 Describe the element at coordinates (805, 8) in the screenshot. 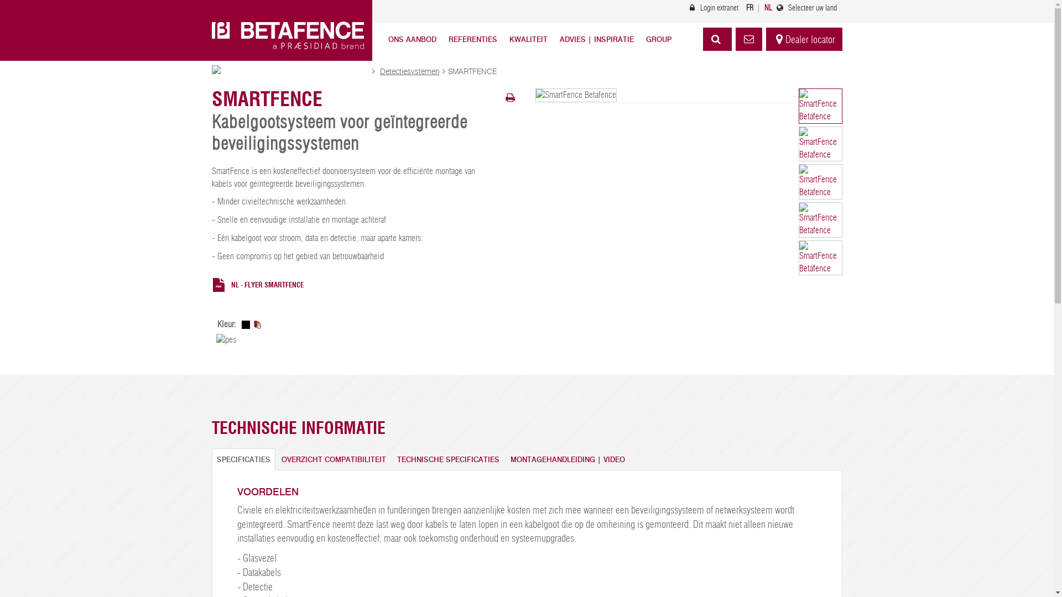

I see `'Selecteer uw land'` at that location.